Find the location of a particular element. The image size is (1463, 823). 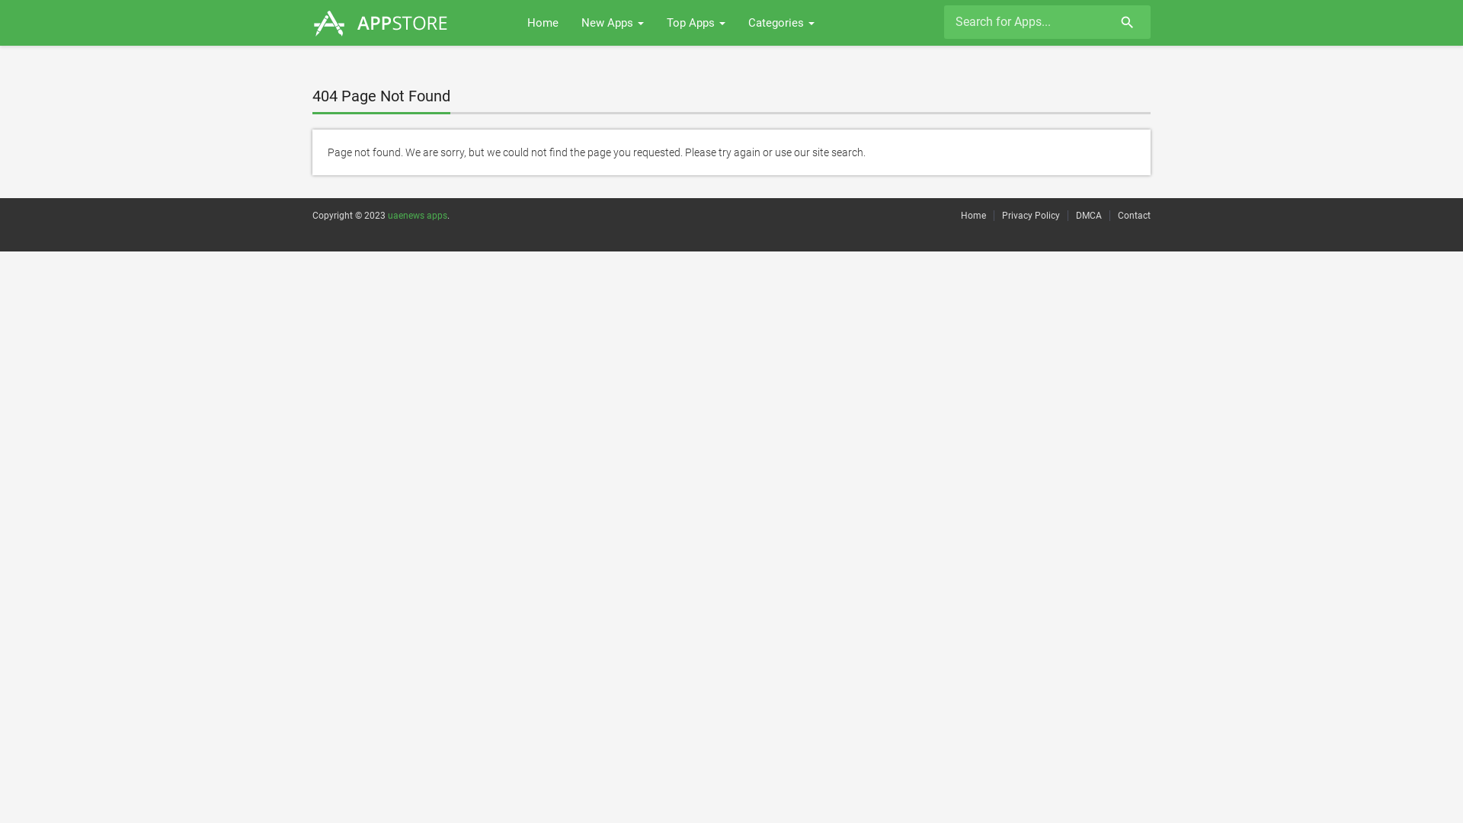

'DMCA' is located at coordinates (1088, 215).